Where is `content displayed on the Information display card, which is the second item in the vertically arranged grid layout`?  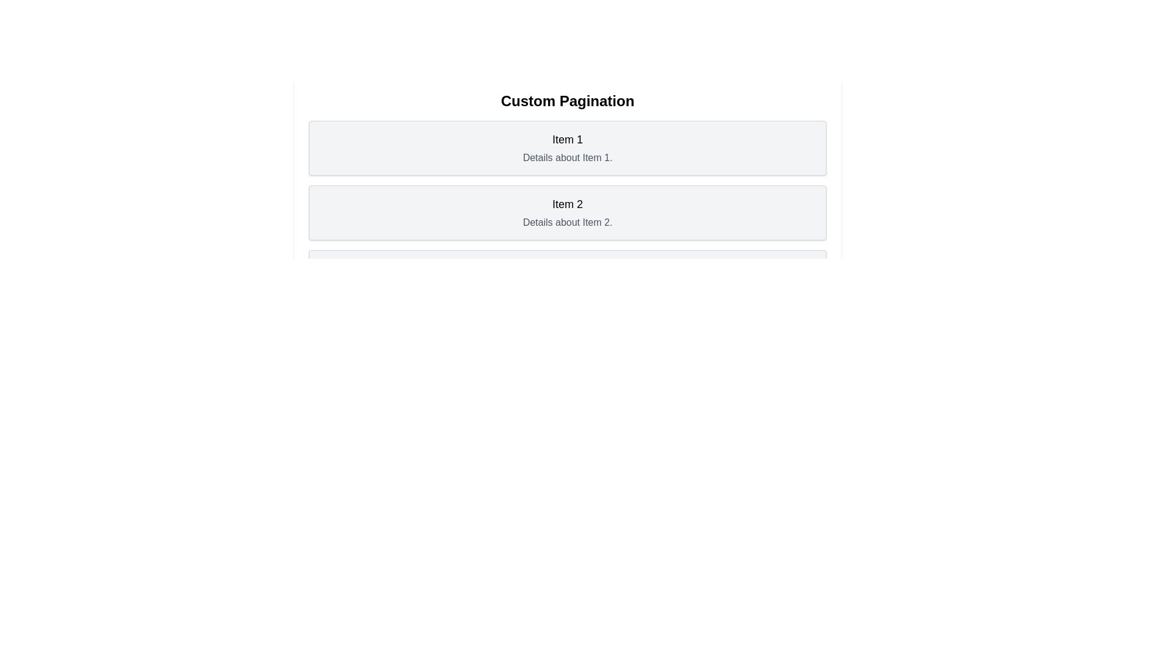
content displayed on the Information display card, which is the second item in the vertically arranged grid layout is located at coordinates (567, 212).